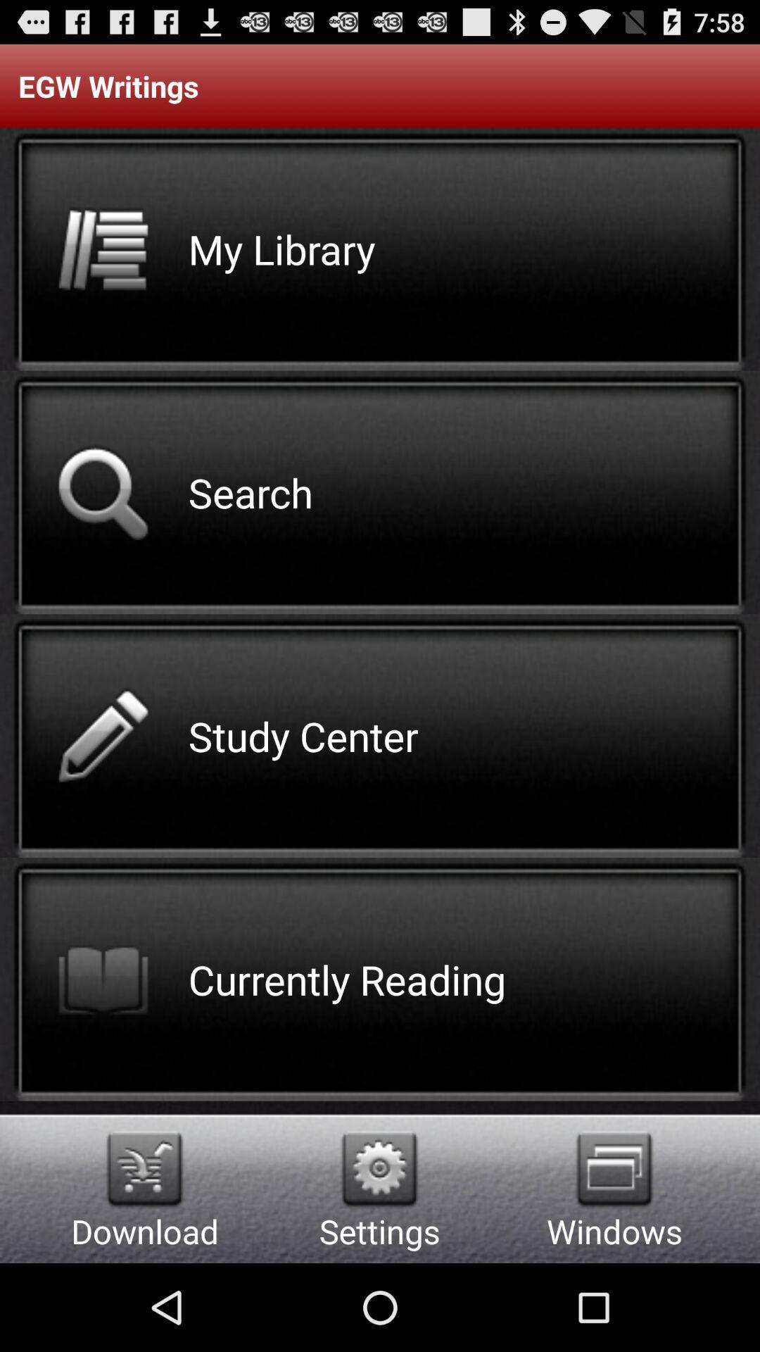  Describe the element at coordinates (379, 1169) in the screenshot. I see `app to the right of the download item` at that location.